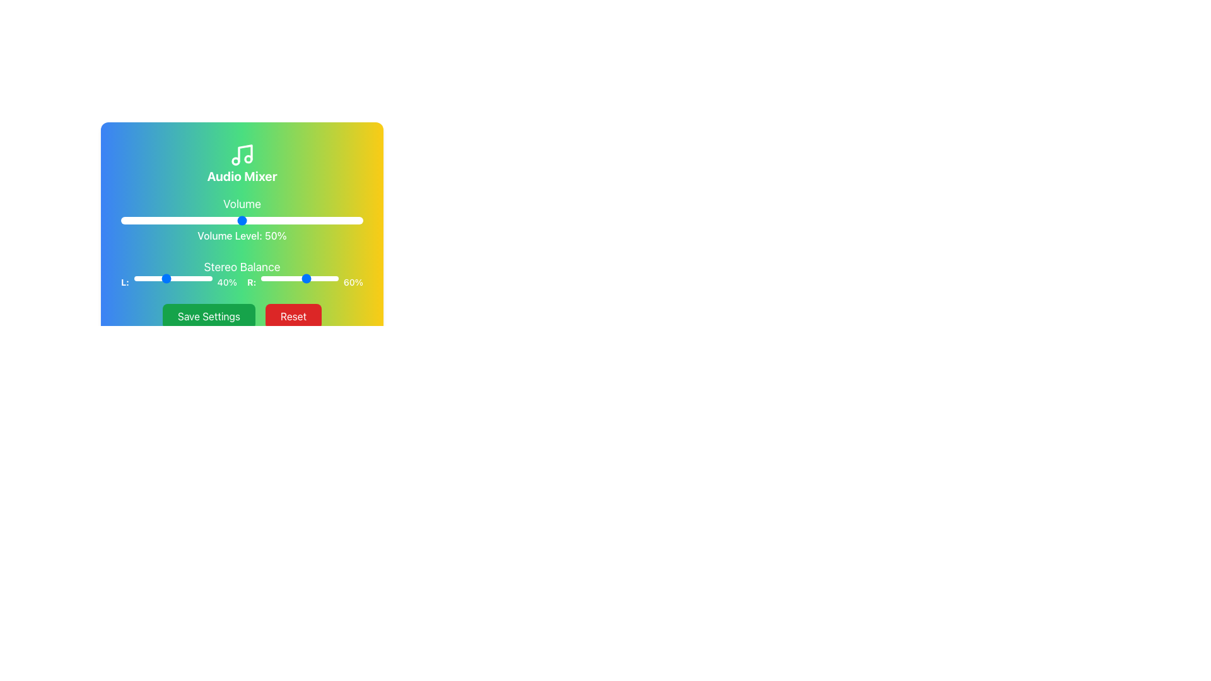 The height and width of the screenshot is (681, 1211). What do you see at coordinates (242, 236) in the screenshot?
I see `the text label displaying 'Volume Level: 50%' that is centrally positioned below the volume slider in the Volume section` at bounding box center [242, 236].